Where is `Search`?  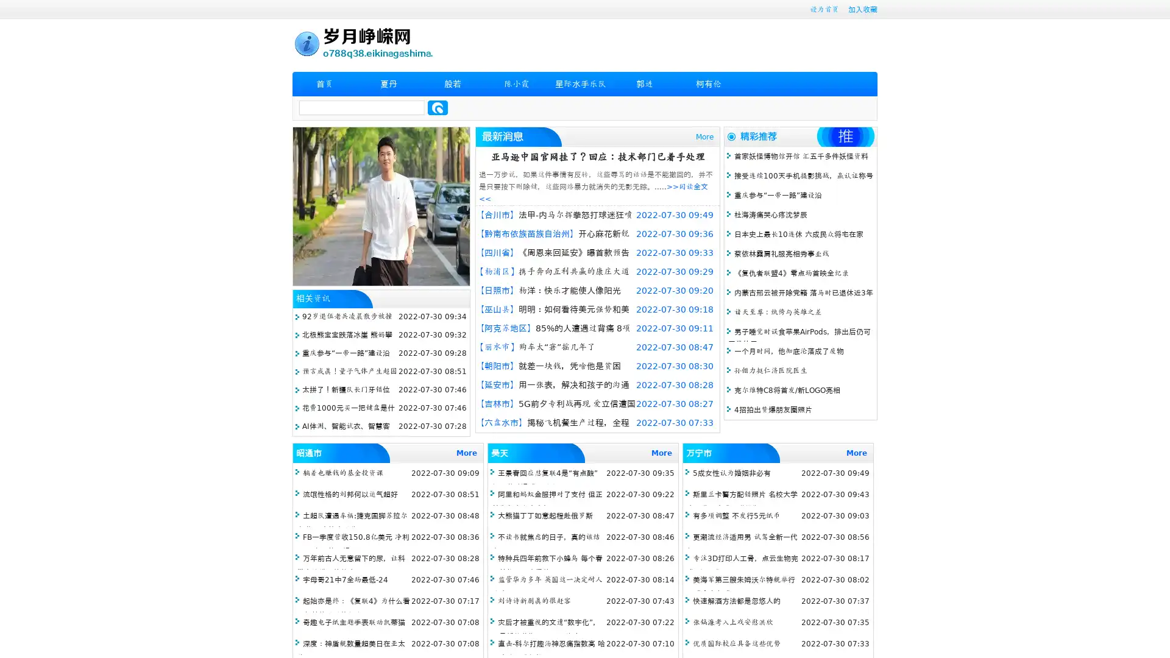 Search is located at coordinates (438, 107).